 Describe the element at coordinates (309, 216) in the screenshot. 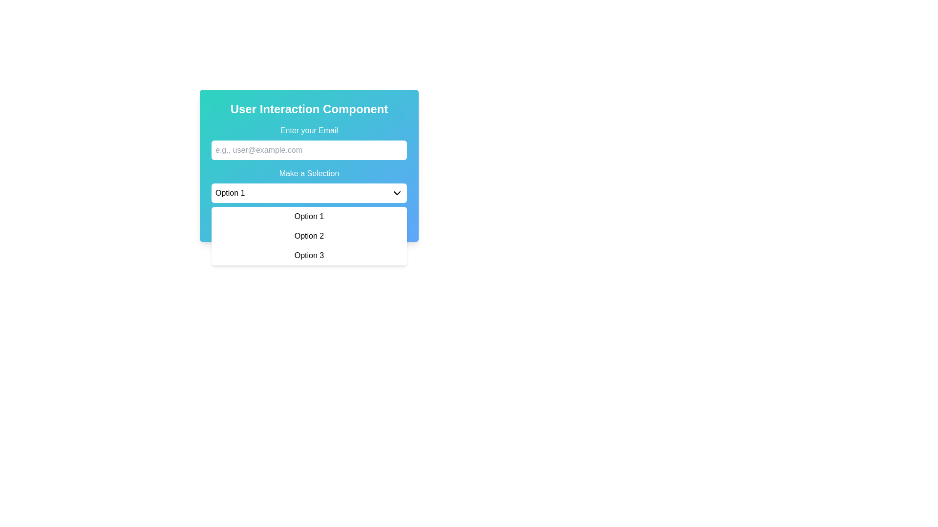

I see `the dropdown menu item displaying 'Option 1'` at that location.